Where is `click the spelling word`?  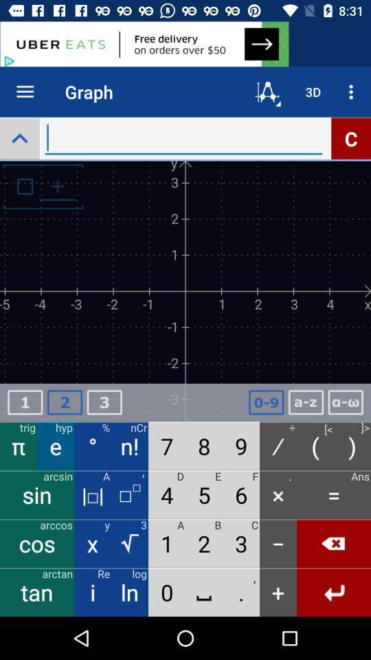
click the spelling word is located at coordinates (345, 402).